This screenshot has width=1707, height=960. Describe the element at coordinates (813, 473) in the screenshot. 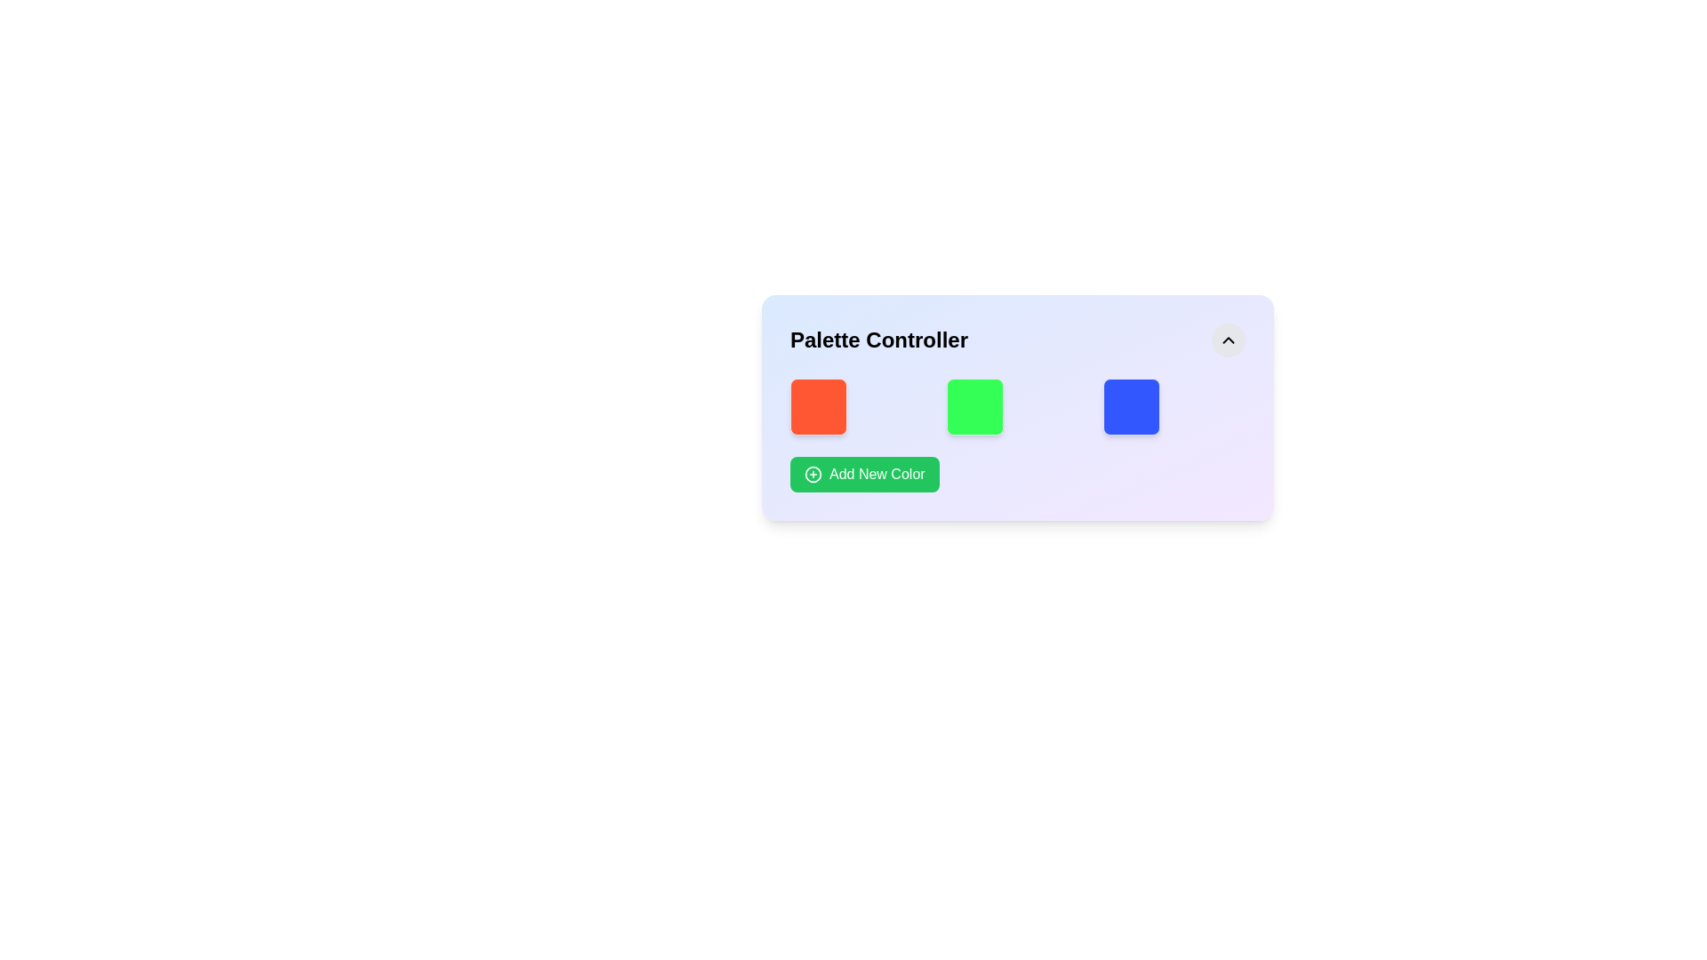

I see `the small circular icon with a plus symbol inside, which has a green background and is positioned to the left of the 'Add New Color' button` at that location.